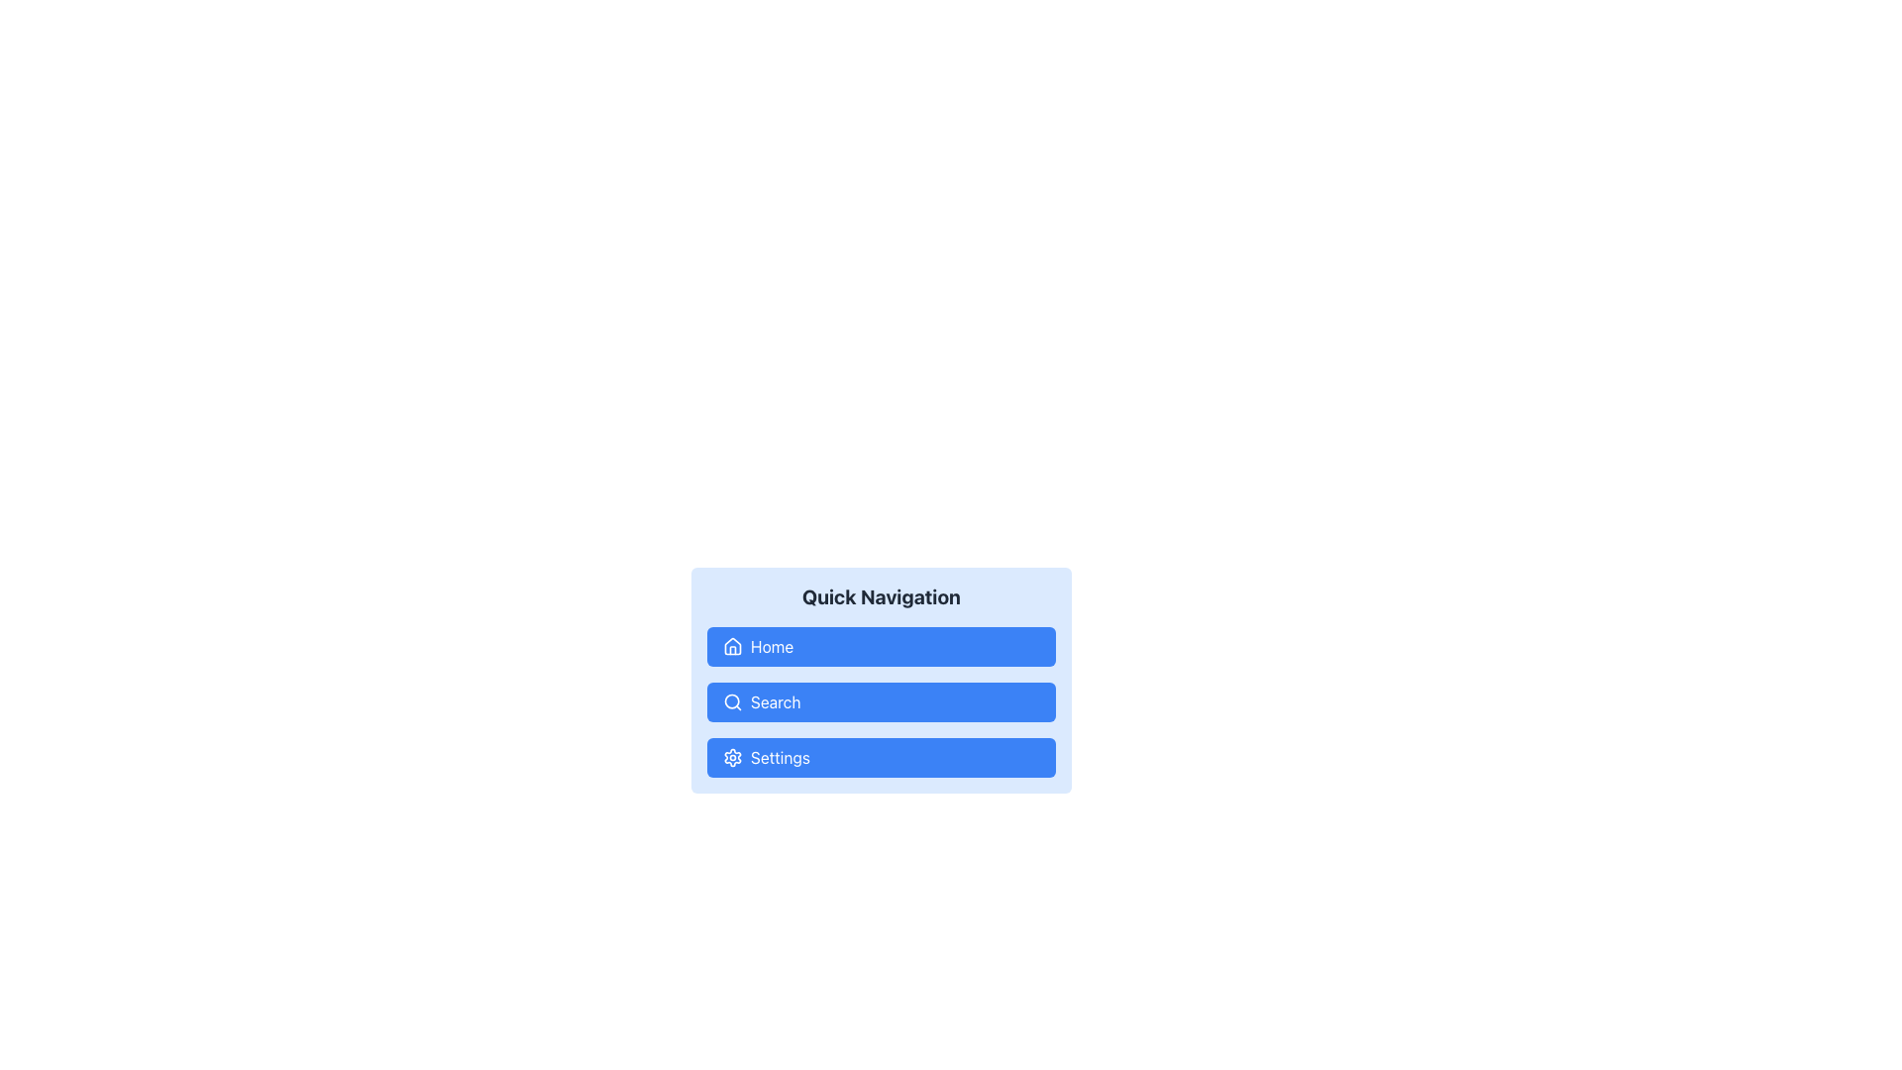  Describe the element at coordinates (731, 757) in the screenshot. I see `the gear icon in the Quick Navigation section` at that location.